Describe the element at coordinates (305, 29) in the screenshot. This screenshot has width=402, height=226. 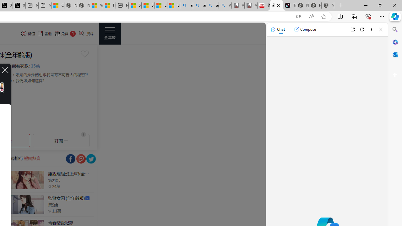
I see `'Compose'` at that location.